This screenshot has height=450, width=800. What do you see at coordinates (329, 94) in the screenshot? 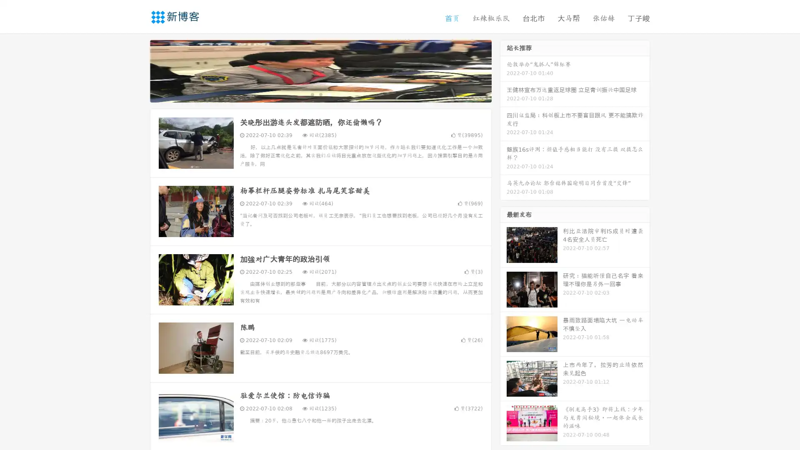
I see `Go to slide 3` at bounding box center [329, 94].